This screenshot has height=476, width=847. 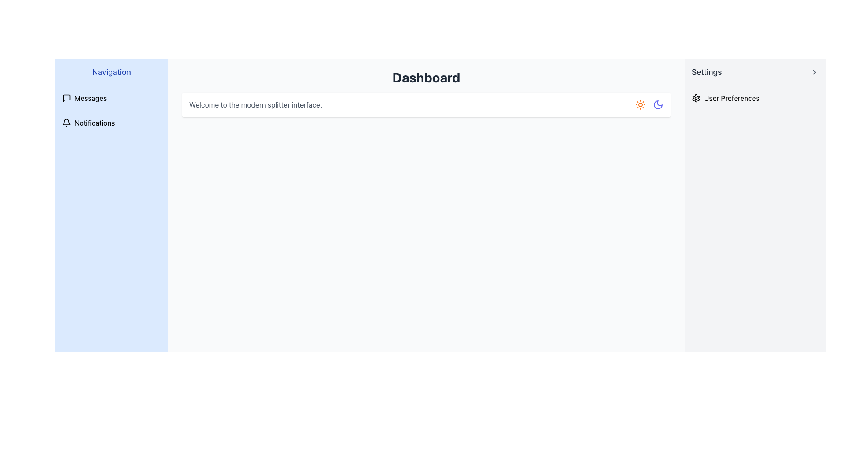 What do you see at coordinates (814, 72) in the screenshot?
I see `the chevron icon in the 'User Preferences' section near the 'Settings' area to trigger the navigation action` at bounding box center [814, 72].